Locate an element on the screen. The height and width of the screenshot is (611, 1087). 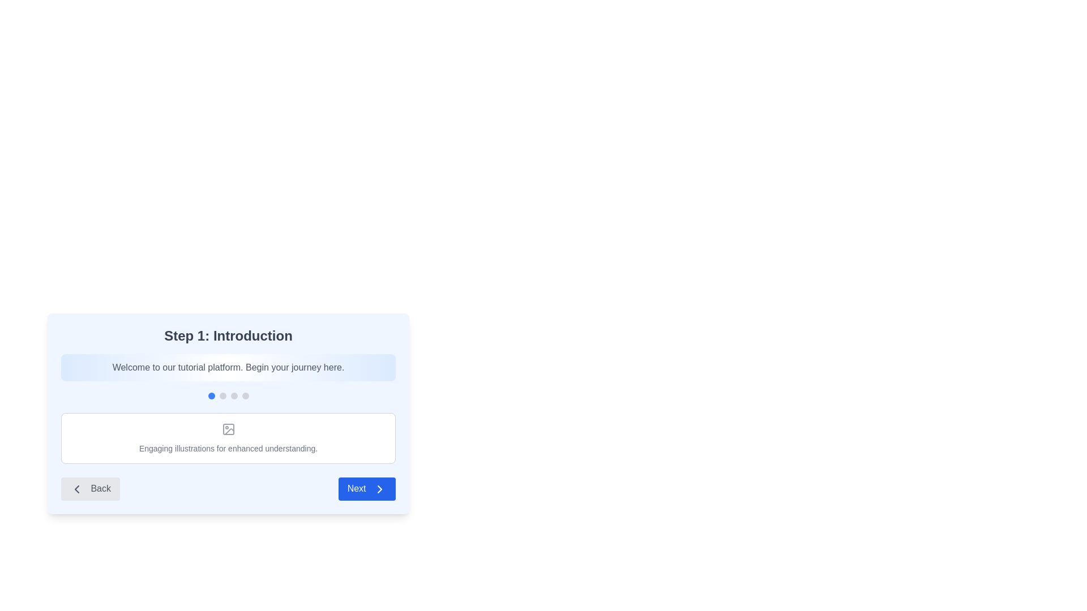
the forward action icon located at the center-right of the 'Next' button in the bottom-right corner of the interface is located at coordinates (380, 488).